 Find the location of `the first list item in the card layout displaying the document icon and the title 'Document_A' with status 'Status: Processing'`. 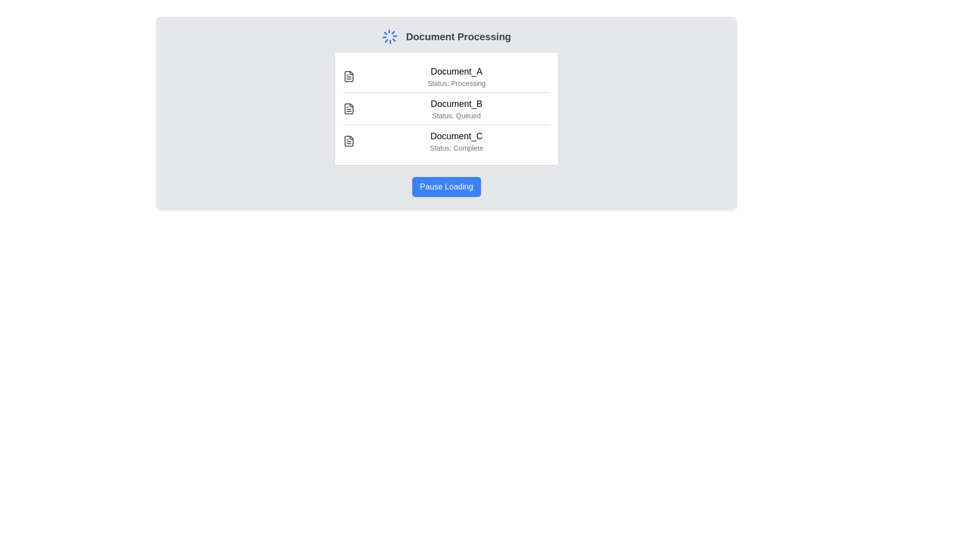

the first list item in the card layout displaying the document icon and the title 'Document_A' with status 'Status: Processing' is located at coordinates (446, 76).